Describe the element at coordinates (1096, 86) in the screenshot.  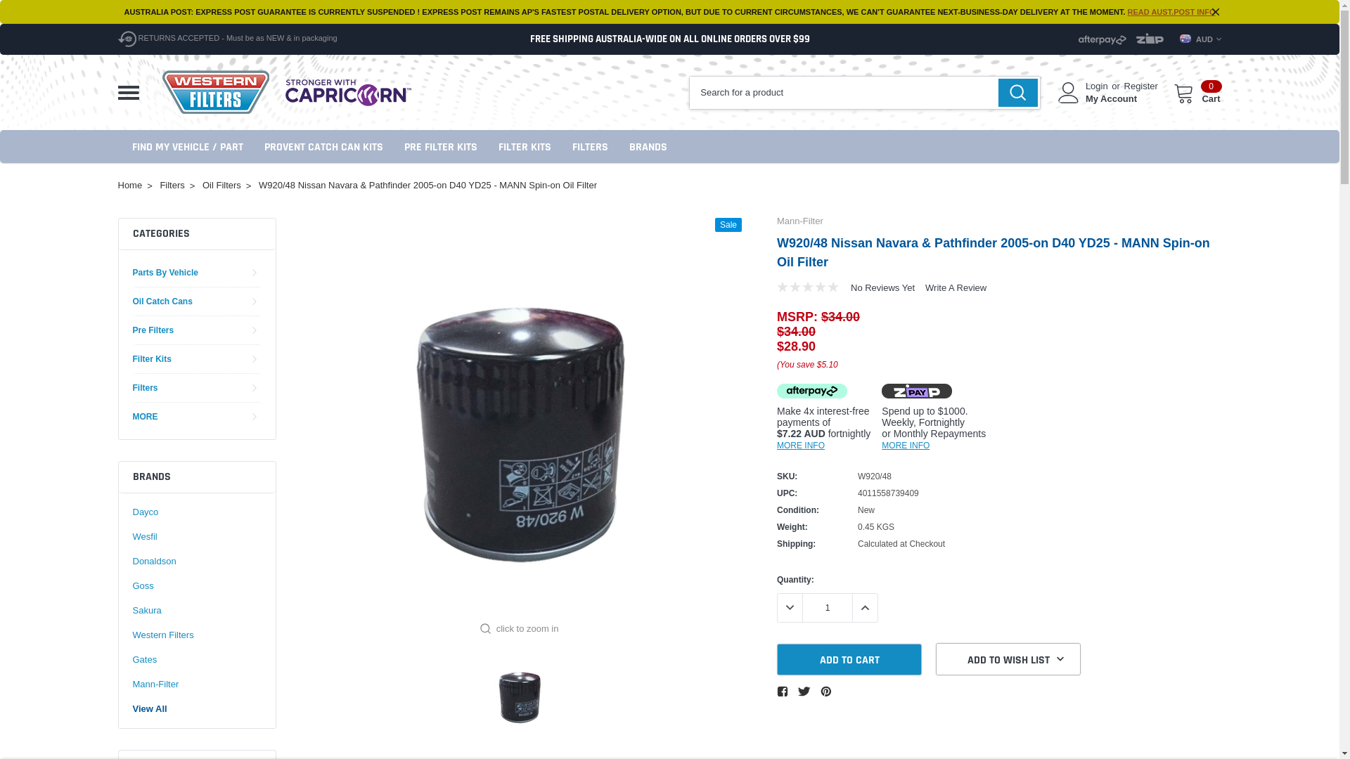
I see `'Login'` at that location.